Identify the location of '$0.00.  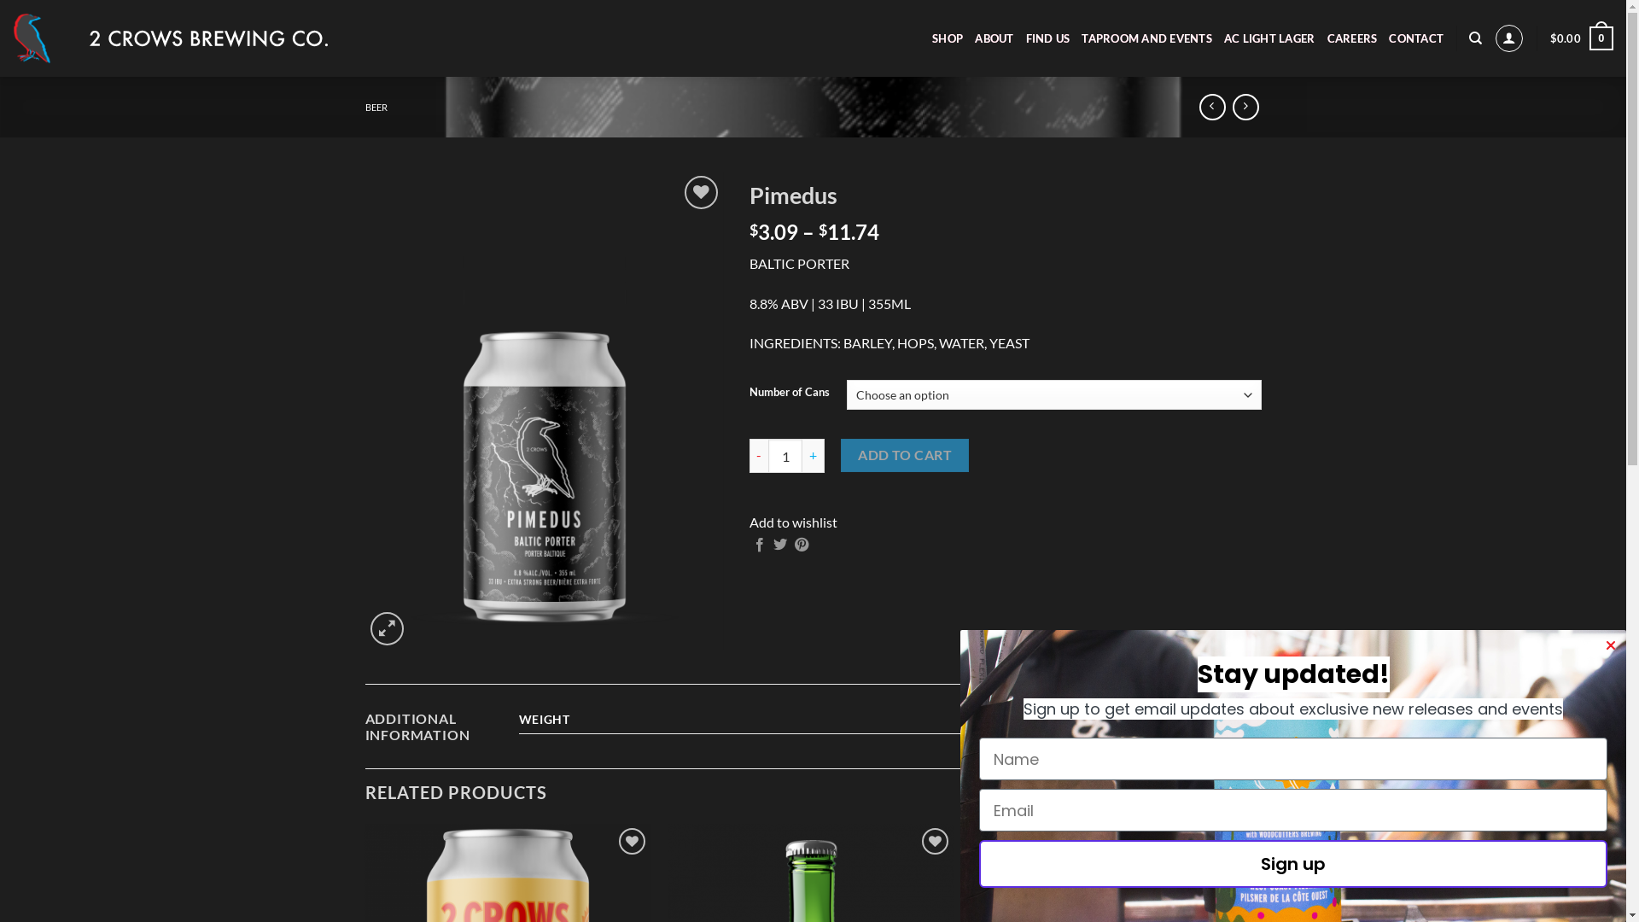
(1580, 38).